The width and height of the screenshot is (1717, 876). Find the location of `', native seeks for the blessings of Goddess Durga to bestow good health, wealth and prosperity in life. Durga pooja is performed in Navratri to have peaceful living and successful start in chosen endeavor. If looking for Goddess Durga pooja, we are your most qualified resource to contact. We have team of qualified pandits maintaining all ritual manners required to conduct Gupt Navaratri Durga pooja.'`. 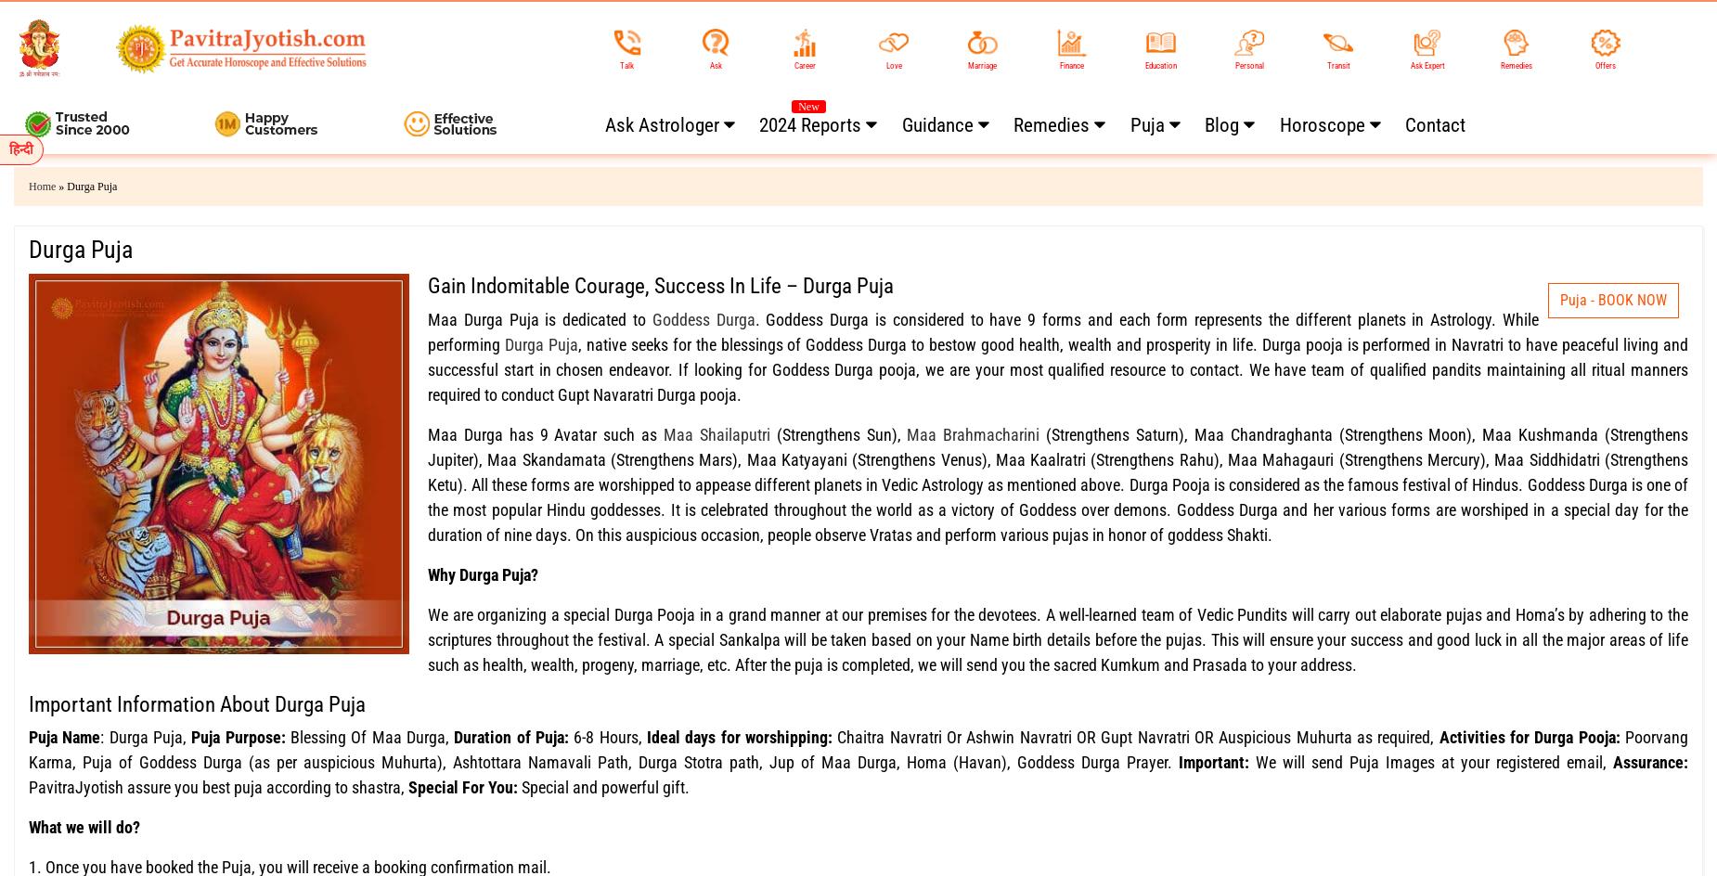

', native seeks for the blessings of Goddess Durga to bestow good health, wealth and prosperity in life. Durga pooja is performed in Navratri to have peaceful living and successful start in chosen endeavor. If looking for Goddess Durga pooja, we are your most qualified resource to contact. We have team of qualified pandits maintaining all ritual manners required to conduct Gupt Navaratri Durga pooja.' is located at coordinates (1056, 368).